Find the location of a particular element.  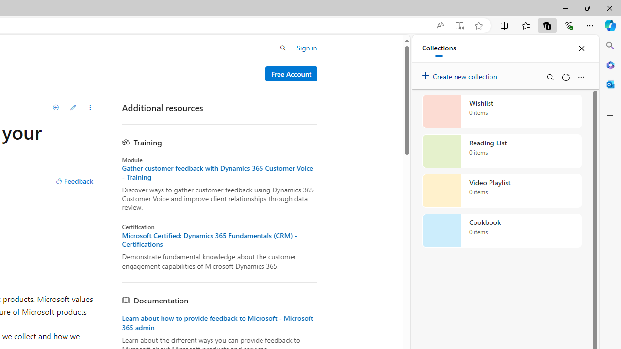

'Video Playlist collection, 0 items' is located at coordinates (502, 191).